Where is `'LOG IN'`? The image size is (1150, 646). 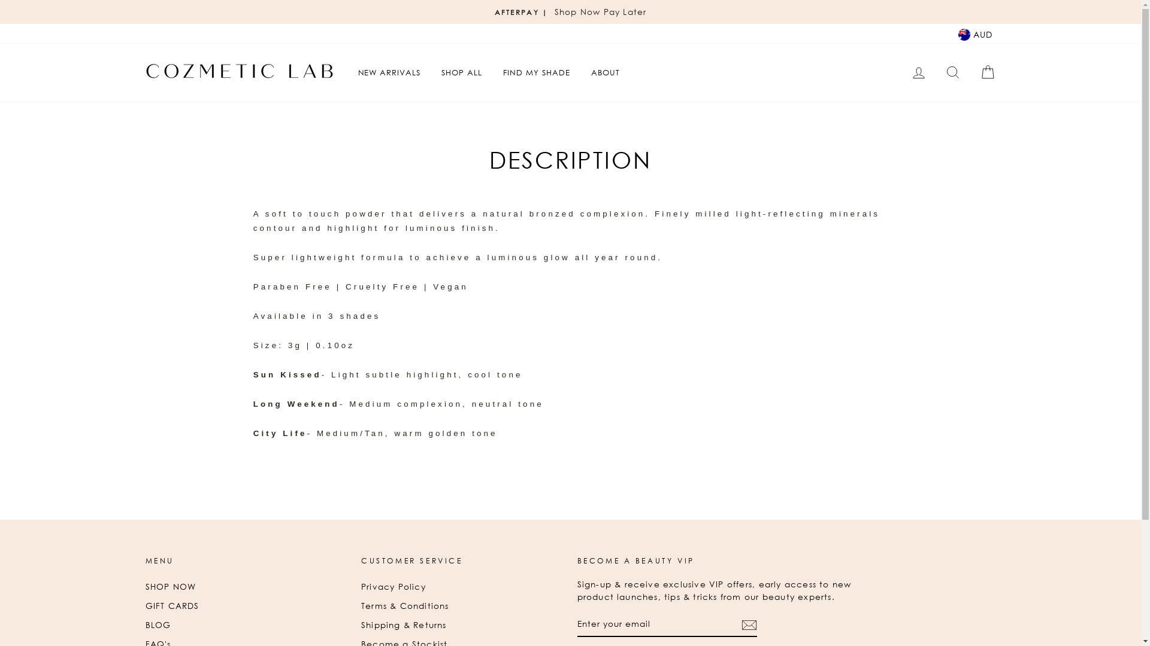
'LOG IN' is located at coordinates (903, 72).